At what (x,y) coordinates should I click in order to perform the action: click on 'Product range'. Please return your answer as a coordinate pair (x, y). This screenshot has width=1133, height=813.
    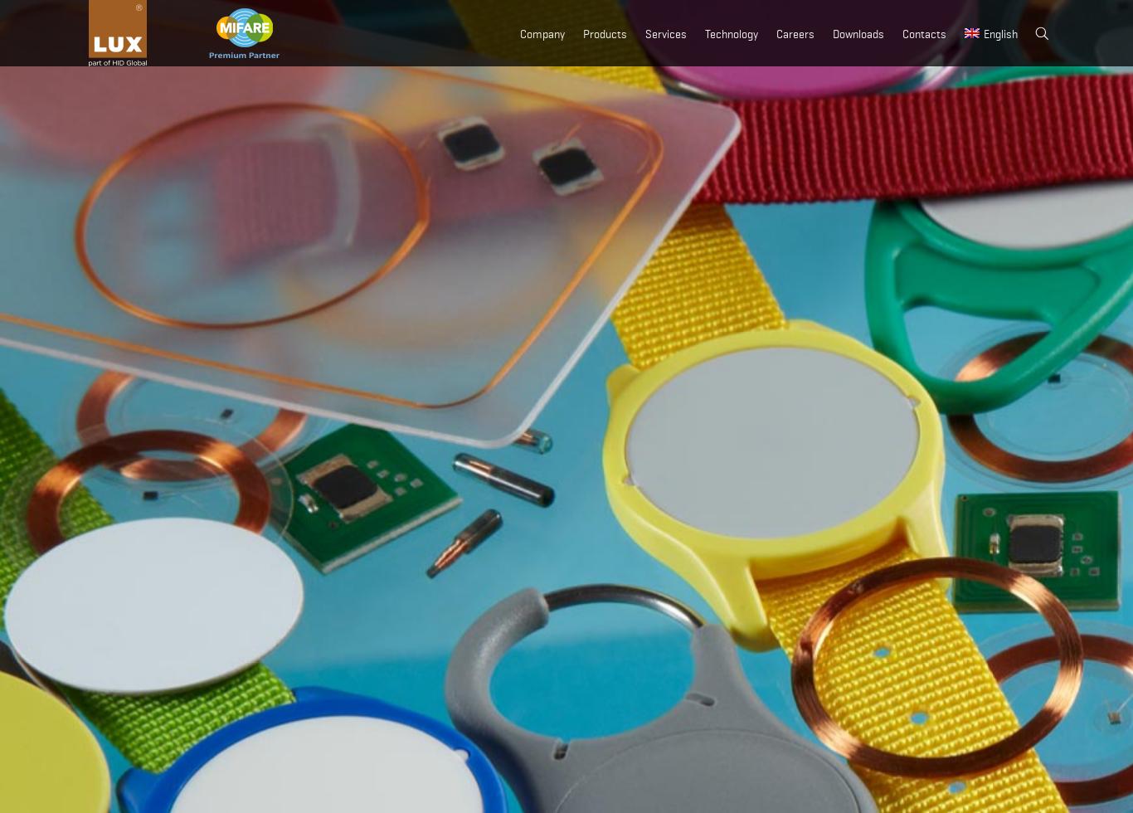
    Looking at the image, I should click on (789, 116).